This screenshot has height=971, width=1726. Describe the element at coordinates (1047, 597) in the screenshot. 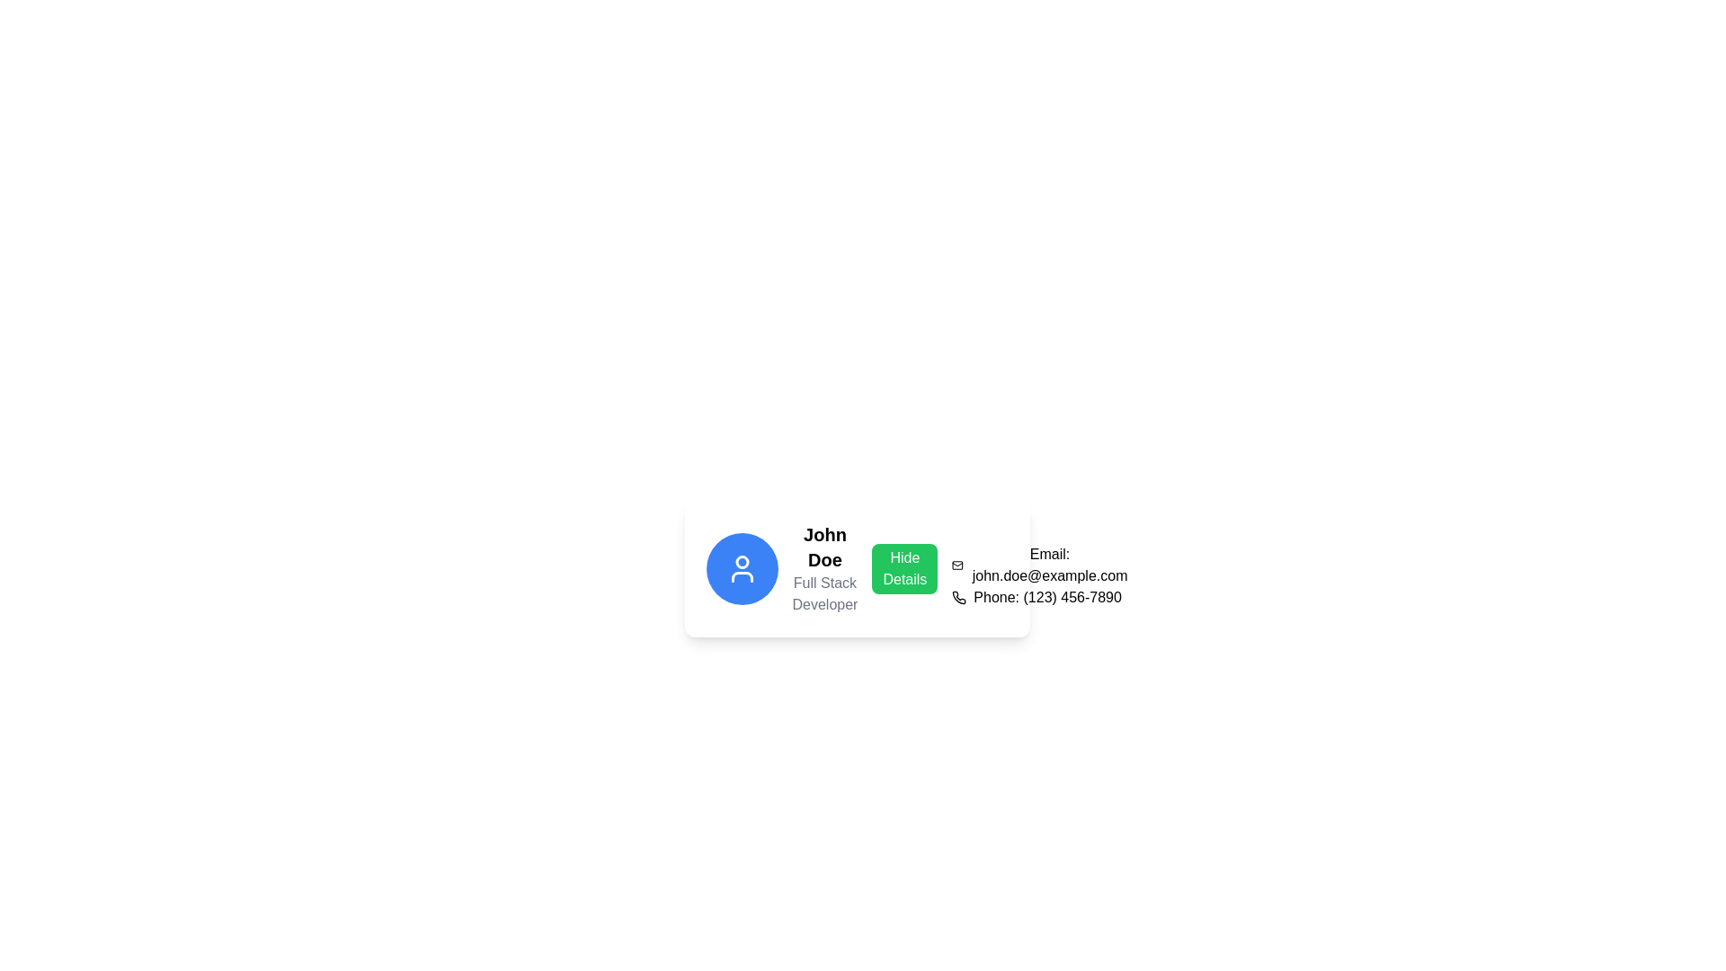

I see `the non-interactive Text label displaying the user's contact phone number located at the bottom-right corner of the profile summary card, adjacent to the email address text field` at that location.